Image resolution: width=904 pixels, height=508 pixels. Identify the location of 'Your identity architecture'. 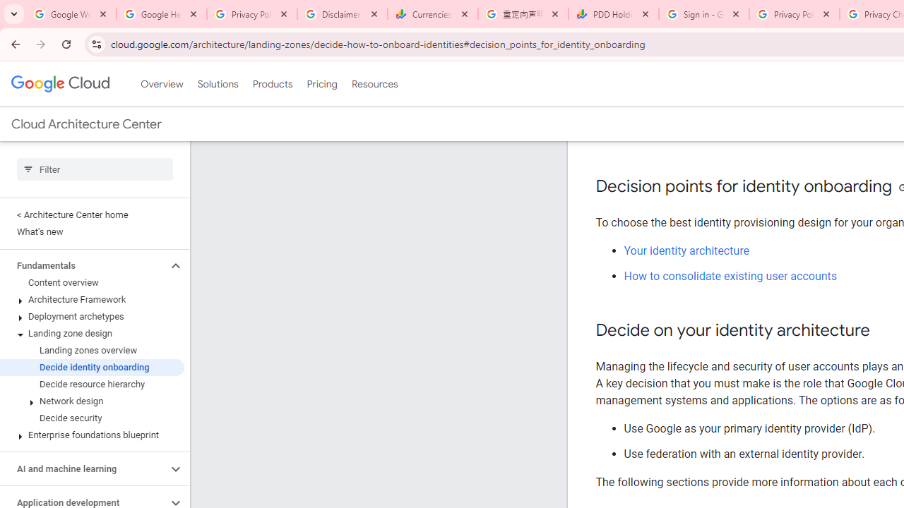
(686, 250).